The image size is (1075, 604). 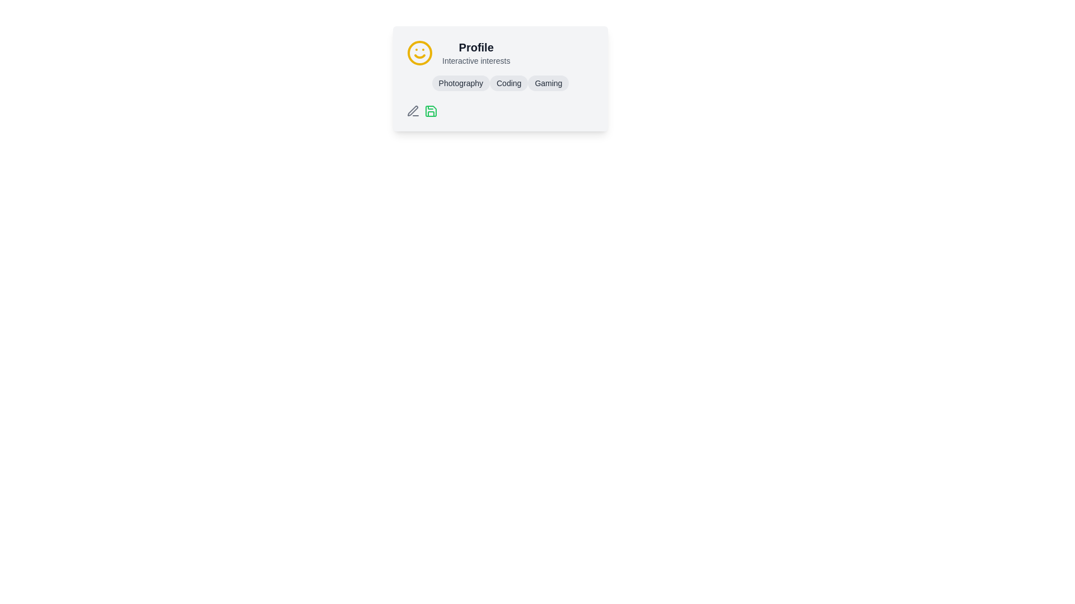 What do you see at coordinates (508, 83) in the screenshot?
I see `the 'Coding' button, which is the second rounded rectangular button in the horizontal sequence of three buttons labeled 'Photography', 'Coding', and 'Gaming', located under the 'Profile' header` at bounding box center [508, 83].